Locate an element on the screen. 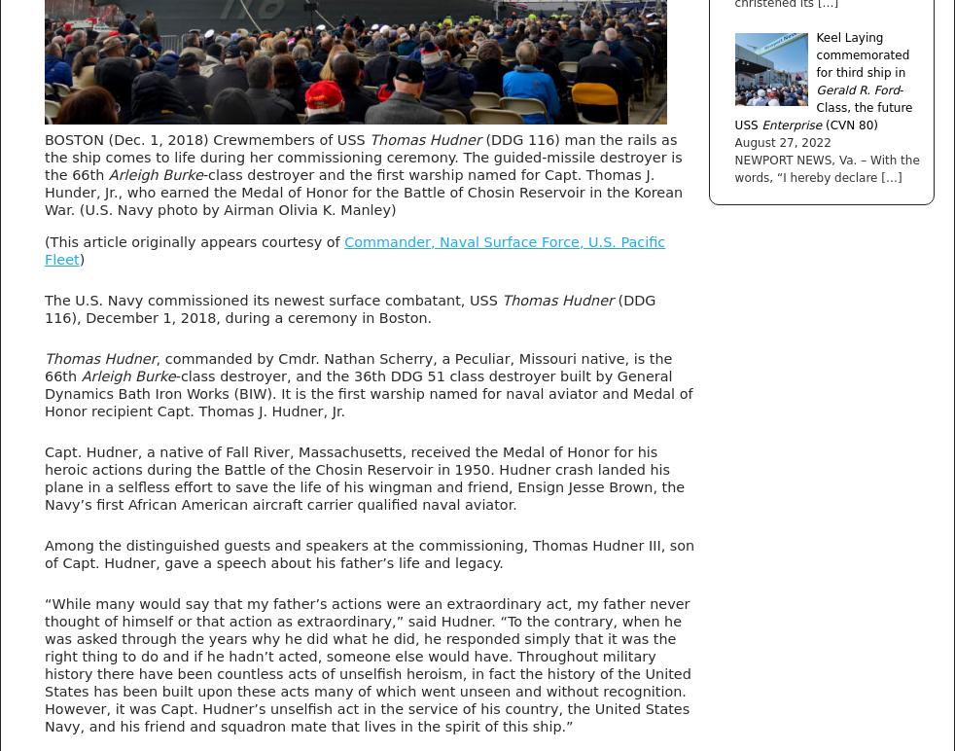 This screenshot has height=751, width=955. '(DDG 116) man the rails as the ship comes to life during her commissioning ceremony. The guided-missile destroyer is the 66th' is located at coordinates (363, 157).